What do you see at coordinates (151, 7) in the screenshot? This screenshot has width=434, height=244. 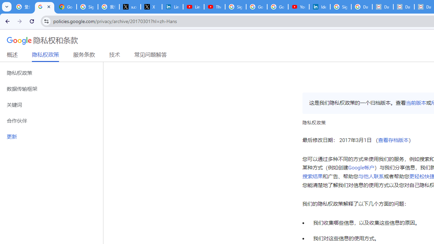 I see `'X'` at bounding box center [151, 7].